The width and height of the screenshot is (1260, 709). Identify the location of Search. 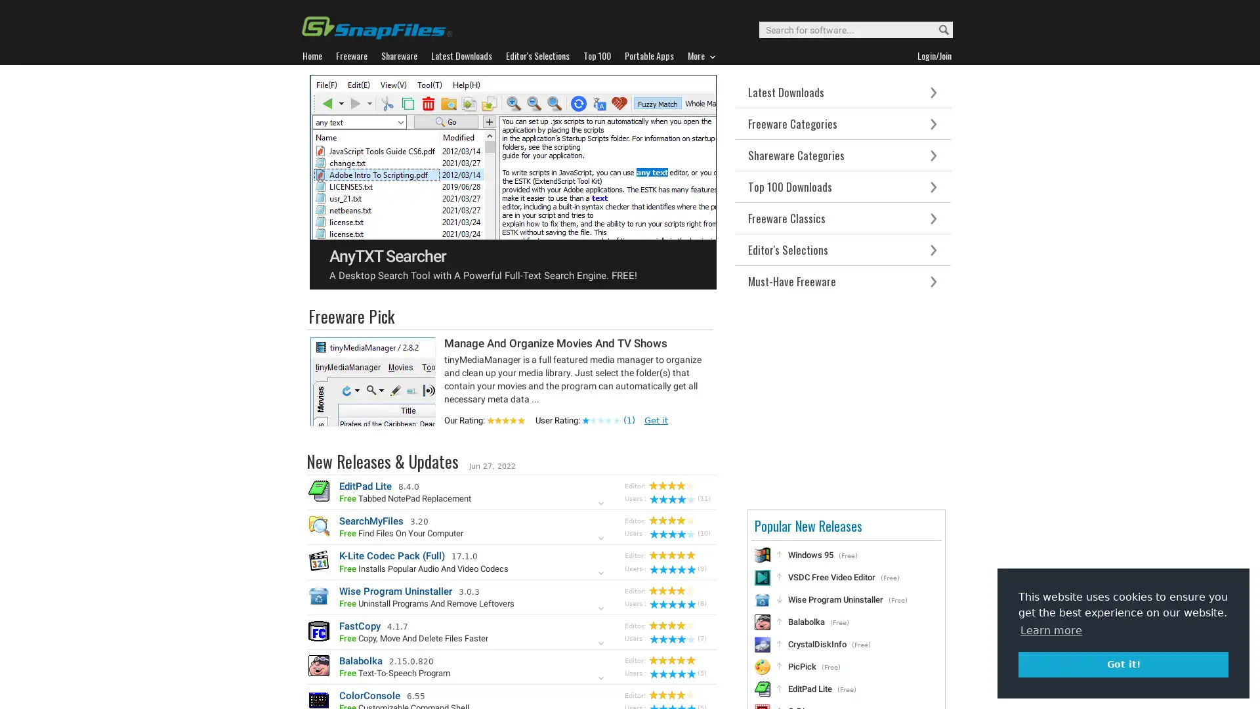
(937, 30).